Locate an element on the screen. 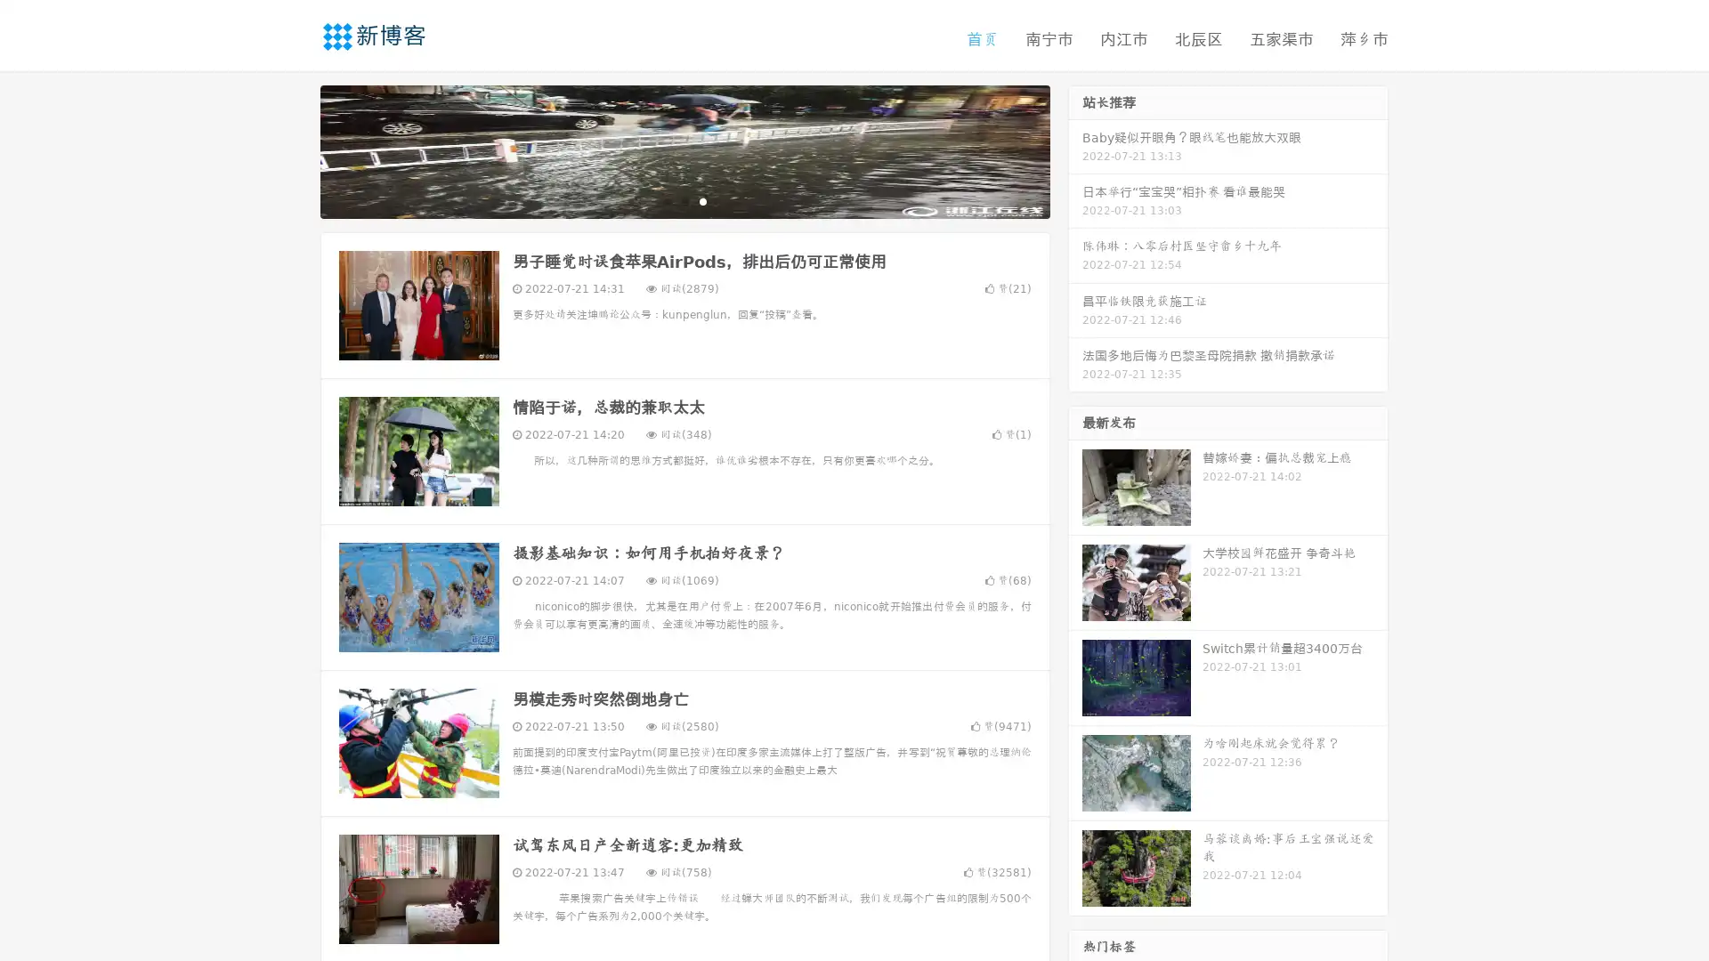 This screenshot has height=961, width=1709. Go to slide 1 is located at coordinates (666, 200).